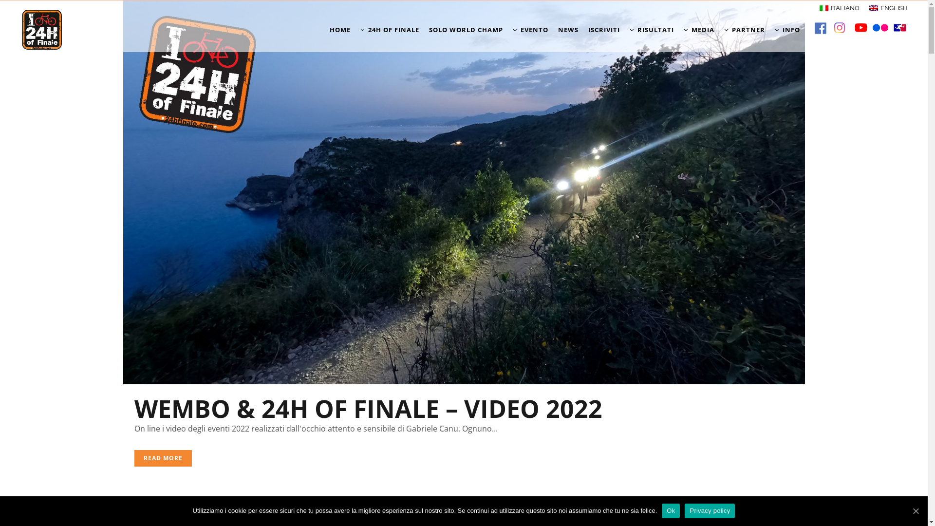 The image size is (935, 526). Describe the element at coordinates (839, 27) in the screenshot. I see `'twitter'` at that location.